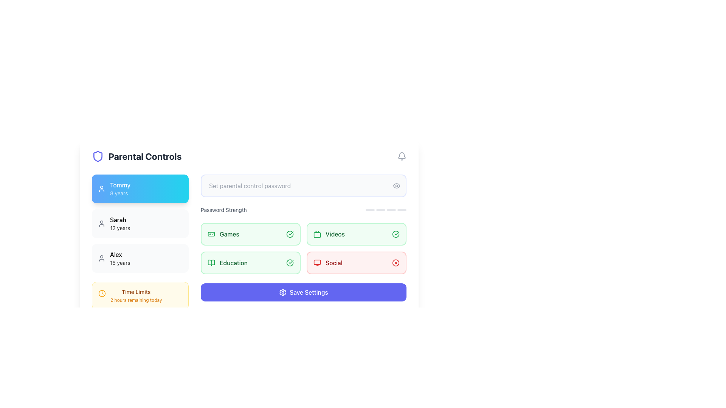 The image size is (726, 408). Describe the element at coordinates (119, 262) in the screenshot. I see `age information of the user named 'Alex' displayed in the static text label located in the left sidebar under 'Parental Controls'` at that location.